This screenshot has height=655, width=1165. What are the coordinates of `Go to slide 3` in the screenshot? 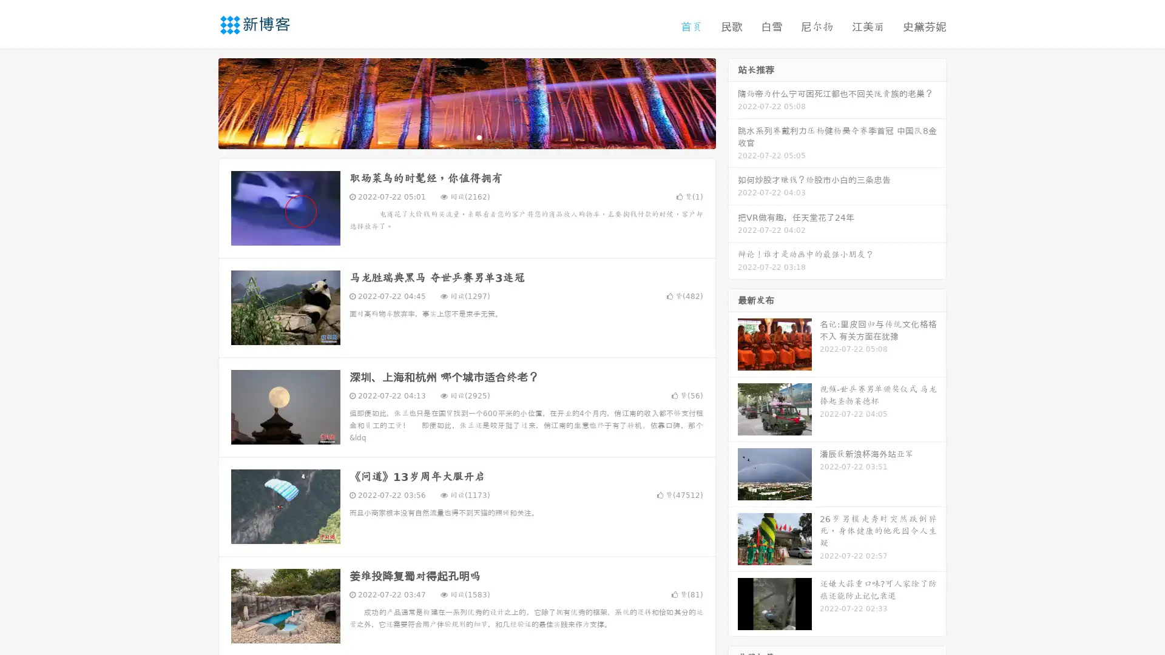 It's located at (479, 136).